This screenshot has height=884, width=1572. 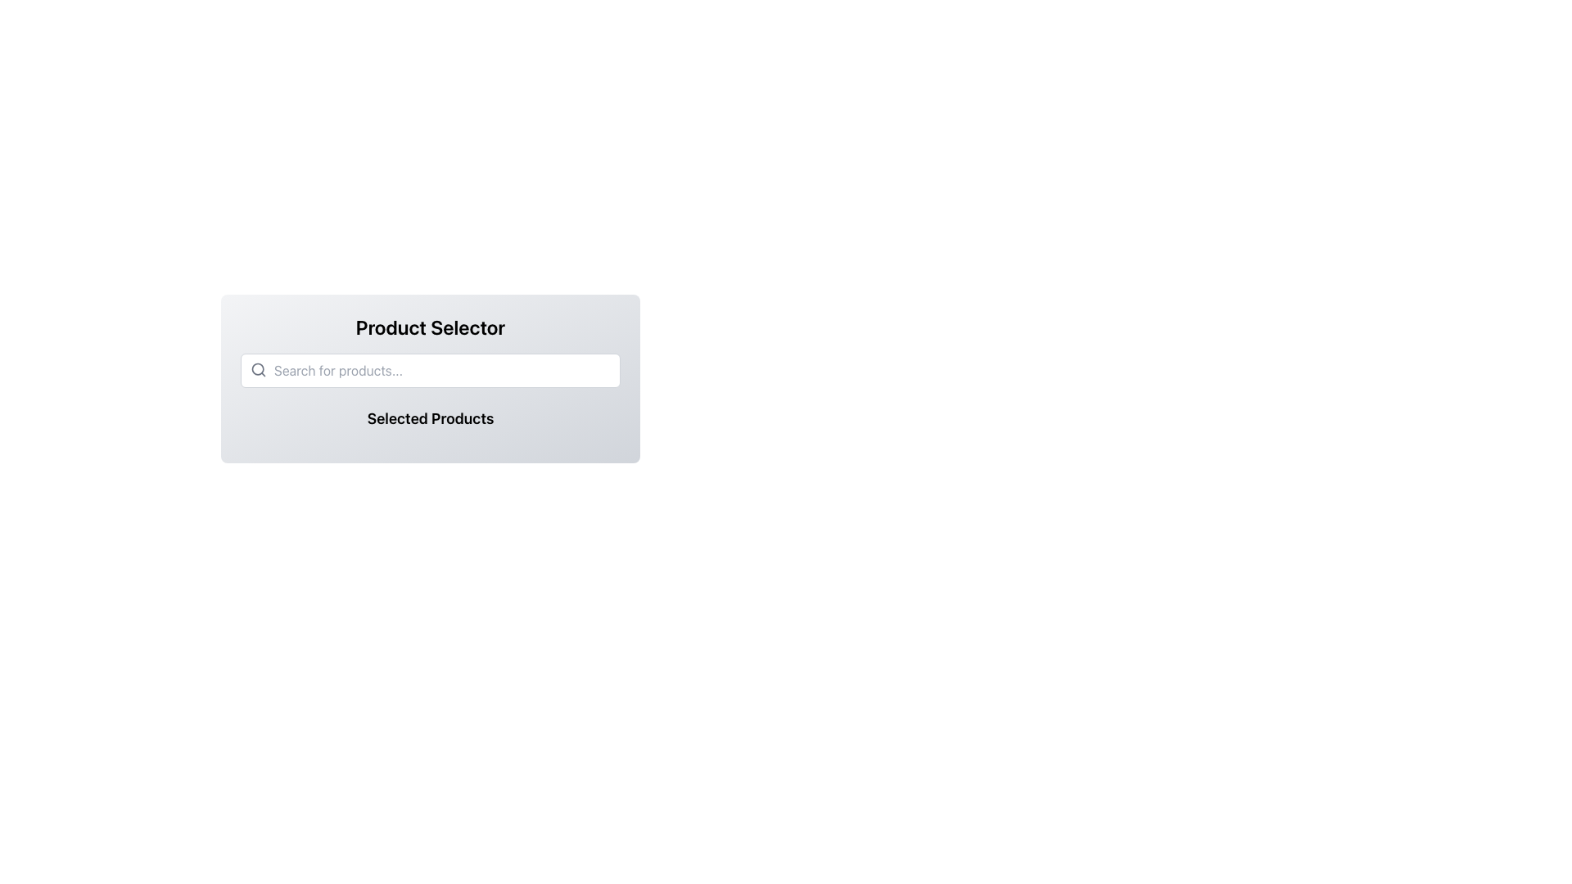 What do you see at coordinates (431, 418) in the screenshot?
I see `the informational text label located below the 'Product Selector' header and above the product display section` at bounding box center [431, 418].